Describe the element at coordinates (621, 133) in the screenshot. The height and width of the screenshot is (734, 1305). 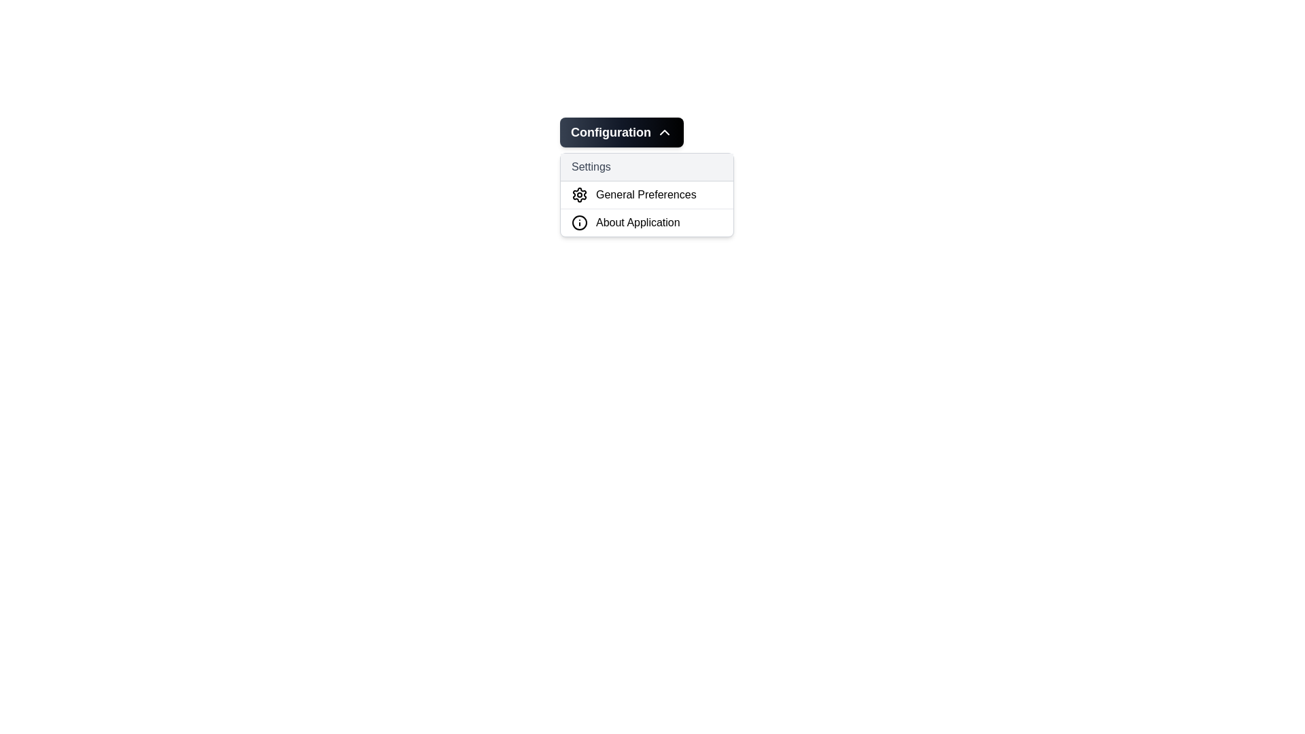
I see `the 'Configuration' button with a chevron up icon, styled with a gradient background from gray to black` at that location.